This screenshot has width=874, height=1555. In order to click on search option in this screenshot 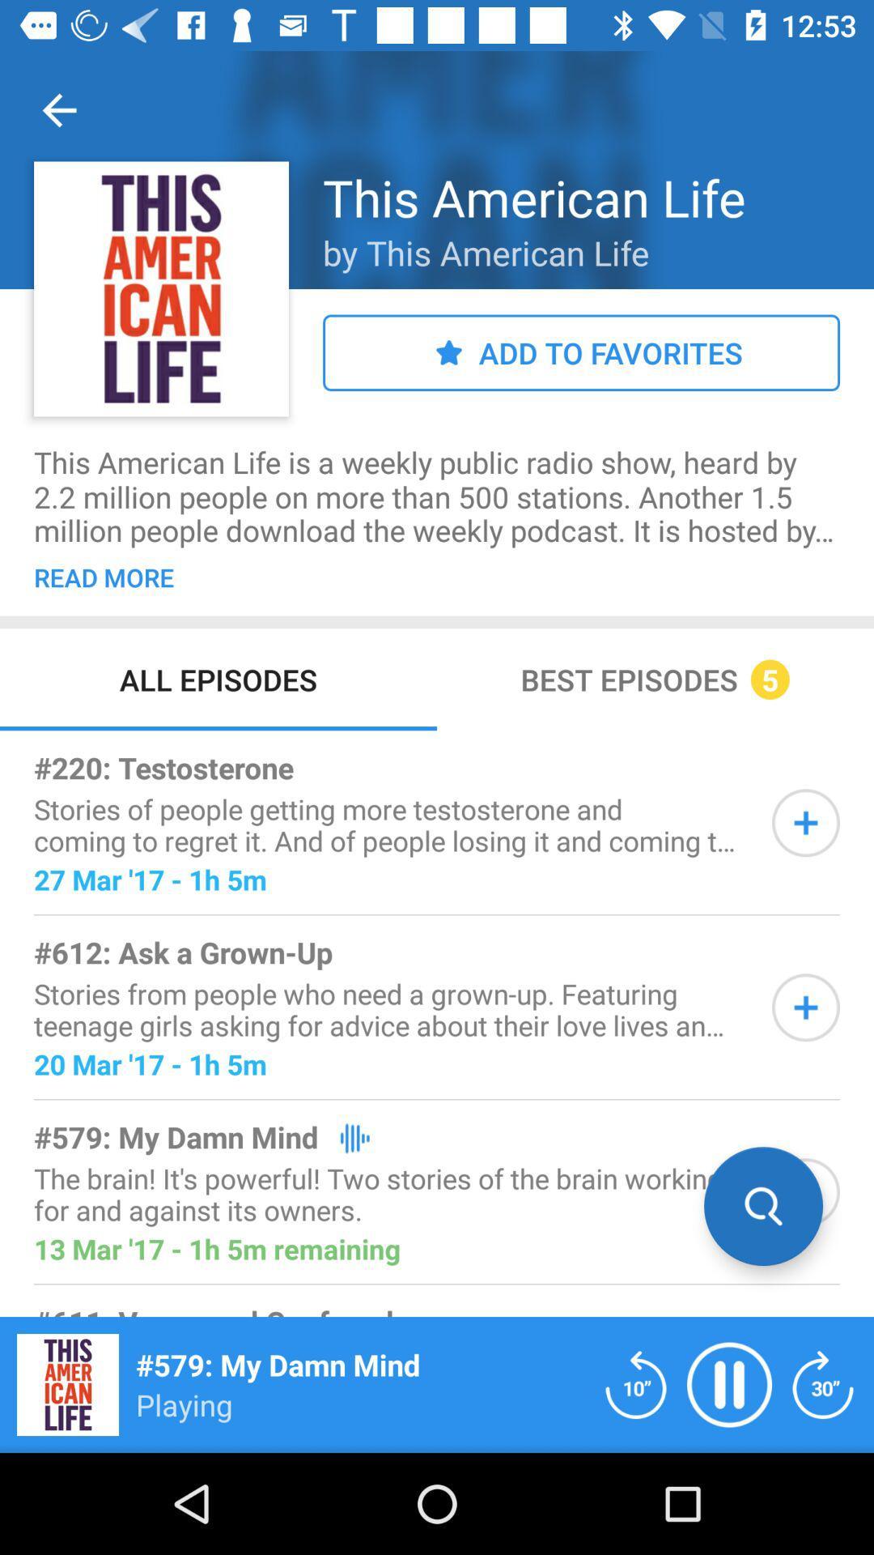, I will do `click(763, 1206)`.